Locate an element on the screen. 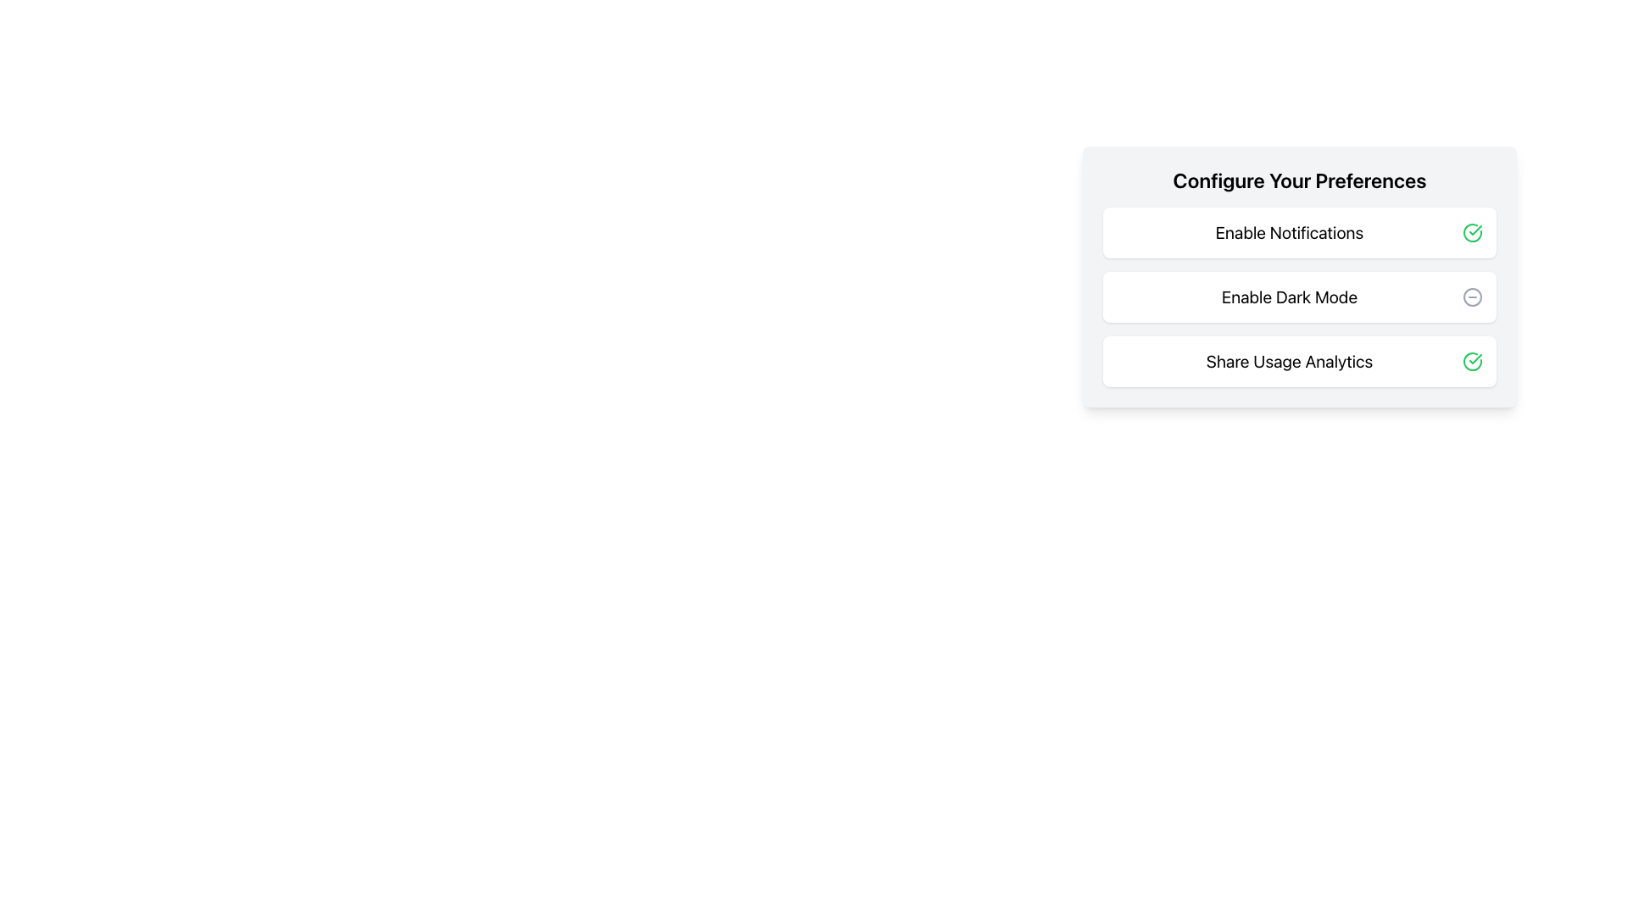  the 'Enable Dark Mode' toggle control in the 'Configure Your Preferences' panel is located at coordinates (1298, 276).